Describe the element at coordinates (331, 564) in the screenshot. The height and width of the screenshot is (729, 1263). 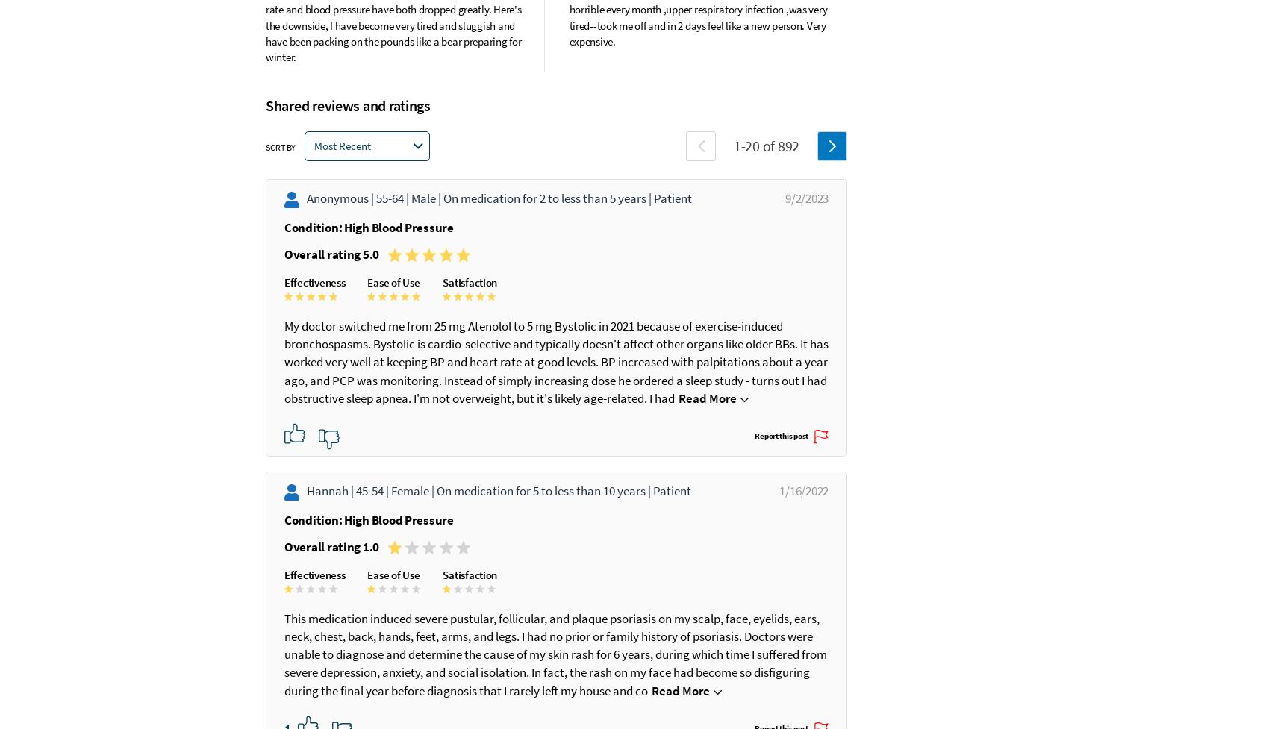
I see `'Overall rating 1.0'` at that location.